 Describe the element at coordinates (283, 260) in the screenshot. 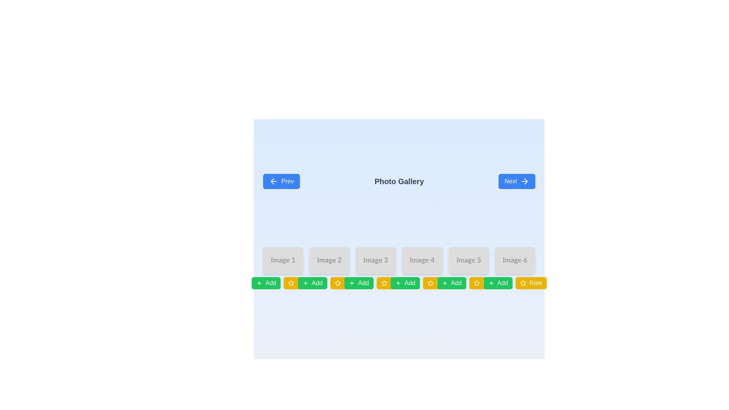

I see `the image placeholder labeled 'Image 1'` at that location.